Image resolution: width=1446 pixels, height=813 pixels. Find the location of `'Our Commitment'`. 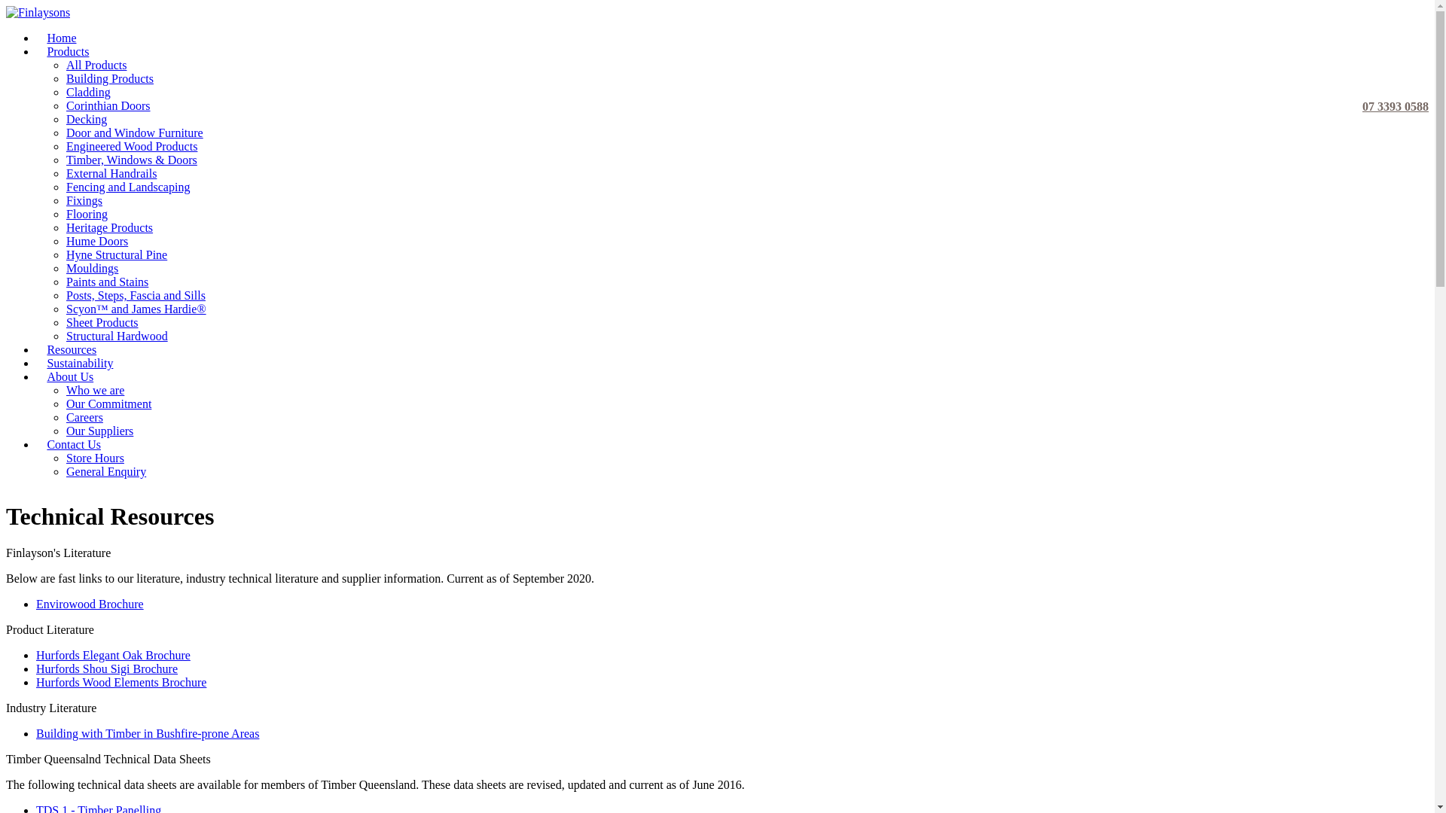

'Our Commitment' is located at coordinates (108, 403).